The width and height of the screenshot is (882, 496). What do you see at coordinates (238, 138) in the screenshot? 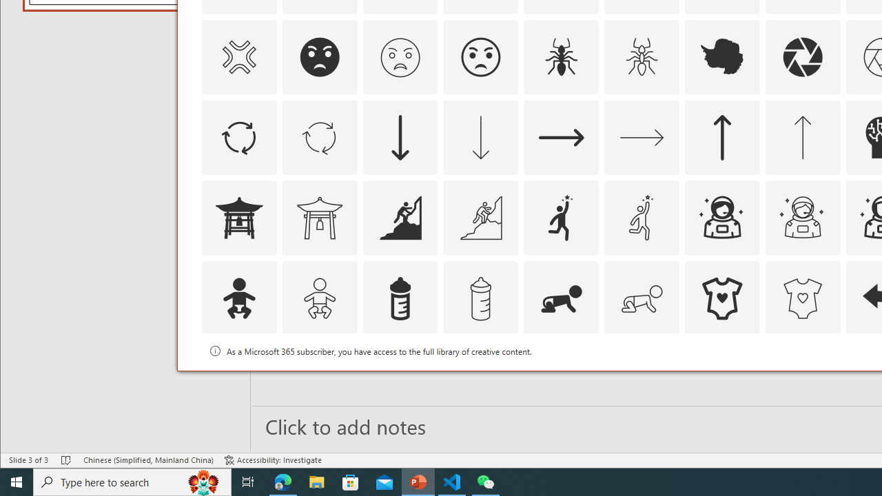
I see `'AutomationID: Icons_ArrowCircle'` at bounding box center [238, 138].